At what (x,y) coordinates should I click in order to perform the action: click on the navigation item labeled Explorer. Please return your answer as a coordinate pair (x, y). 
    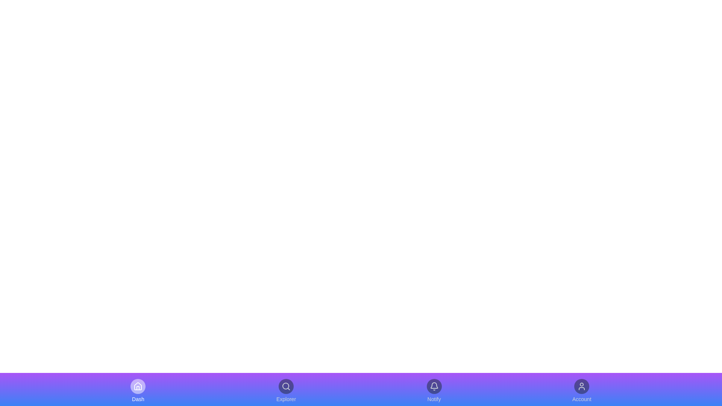
    Looking at the image, I should click on (285, 391).